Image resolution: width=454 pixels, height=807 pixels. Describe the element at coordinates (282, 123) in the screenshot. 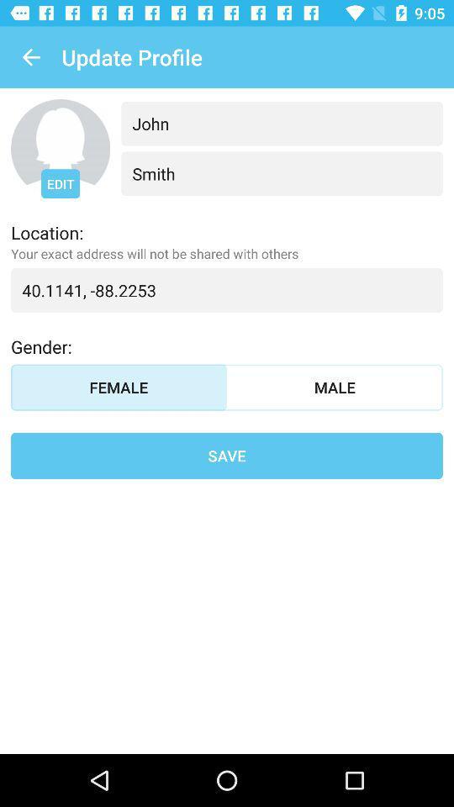

I see `the item below the update profile` at that location.